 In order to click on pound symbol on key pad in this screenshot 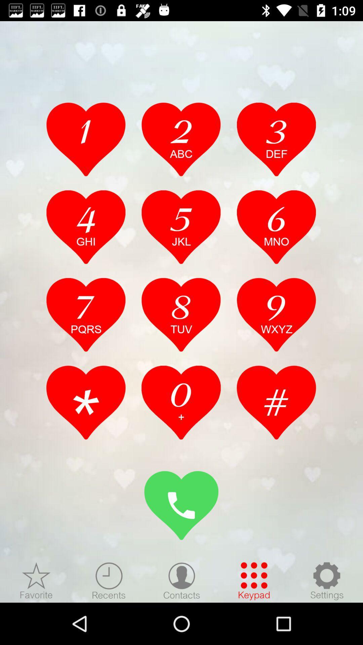, I will do `click(276, 402)`.